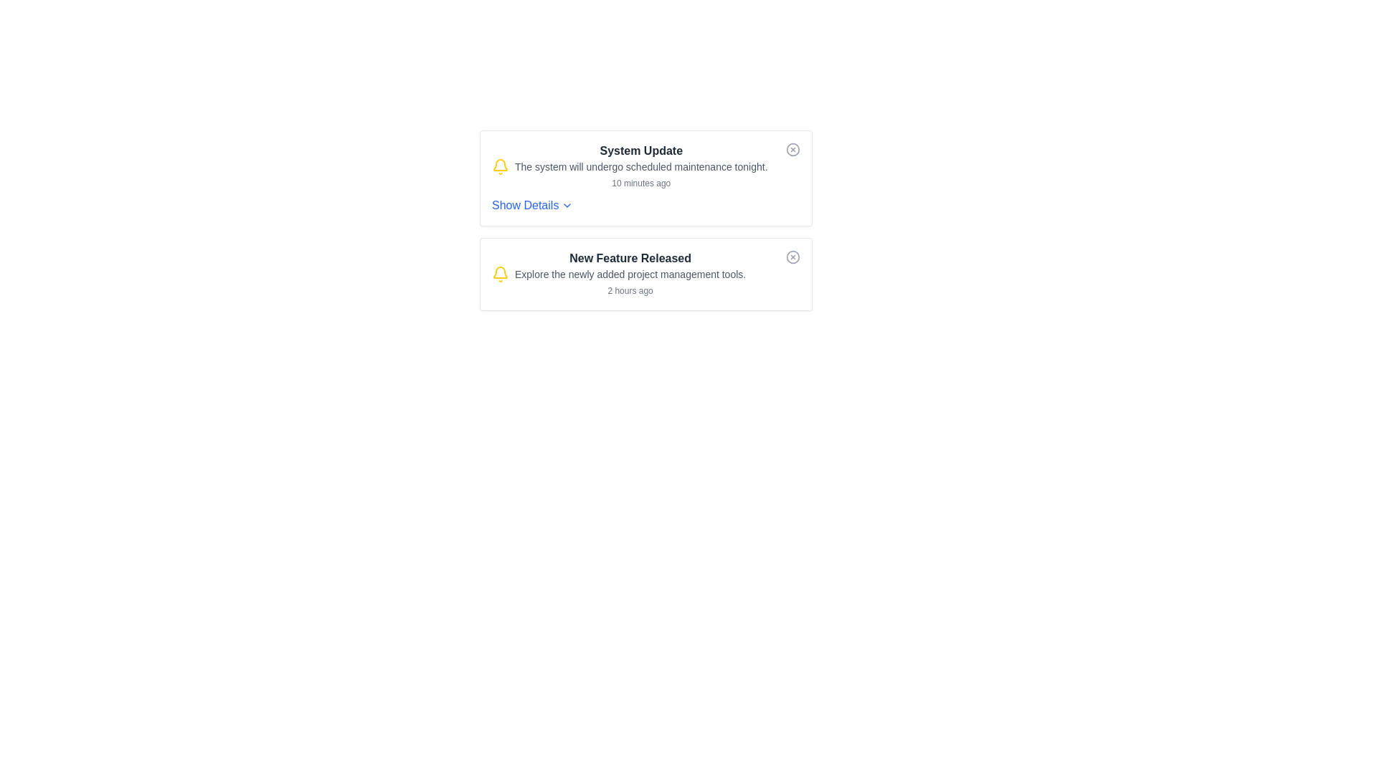 The width and height of the screenshot is (1377, 774). Describe the element at coordinates (630, 259) in the screenshot. I see `text displayed in the Text Label that shows 'New Feature Released', which is prominently positioned near the top of its notification card` at that location.